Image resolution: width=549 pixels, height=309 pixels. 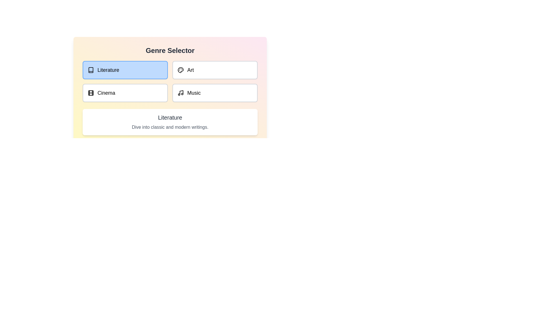 I want to click on the graphic icon element of the genre selector button, which is a rectangular shape with rounded corners forming the outline of a film reel icon, located in the left column of the layout, so click(x=90, y=92).